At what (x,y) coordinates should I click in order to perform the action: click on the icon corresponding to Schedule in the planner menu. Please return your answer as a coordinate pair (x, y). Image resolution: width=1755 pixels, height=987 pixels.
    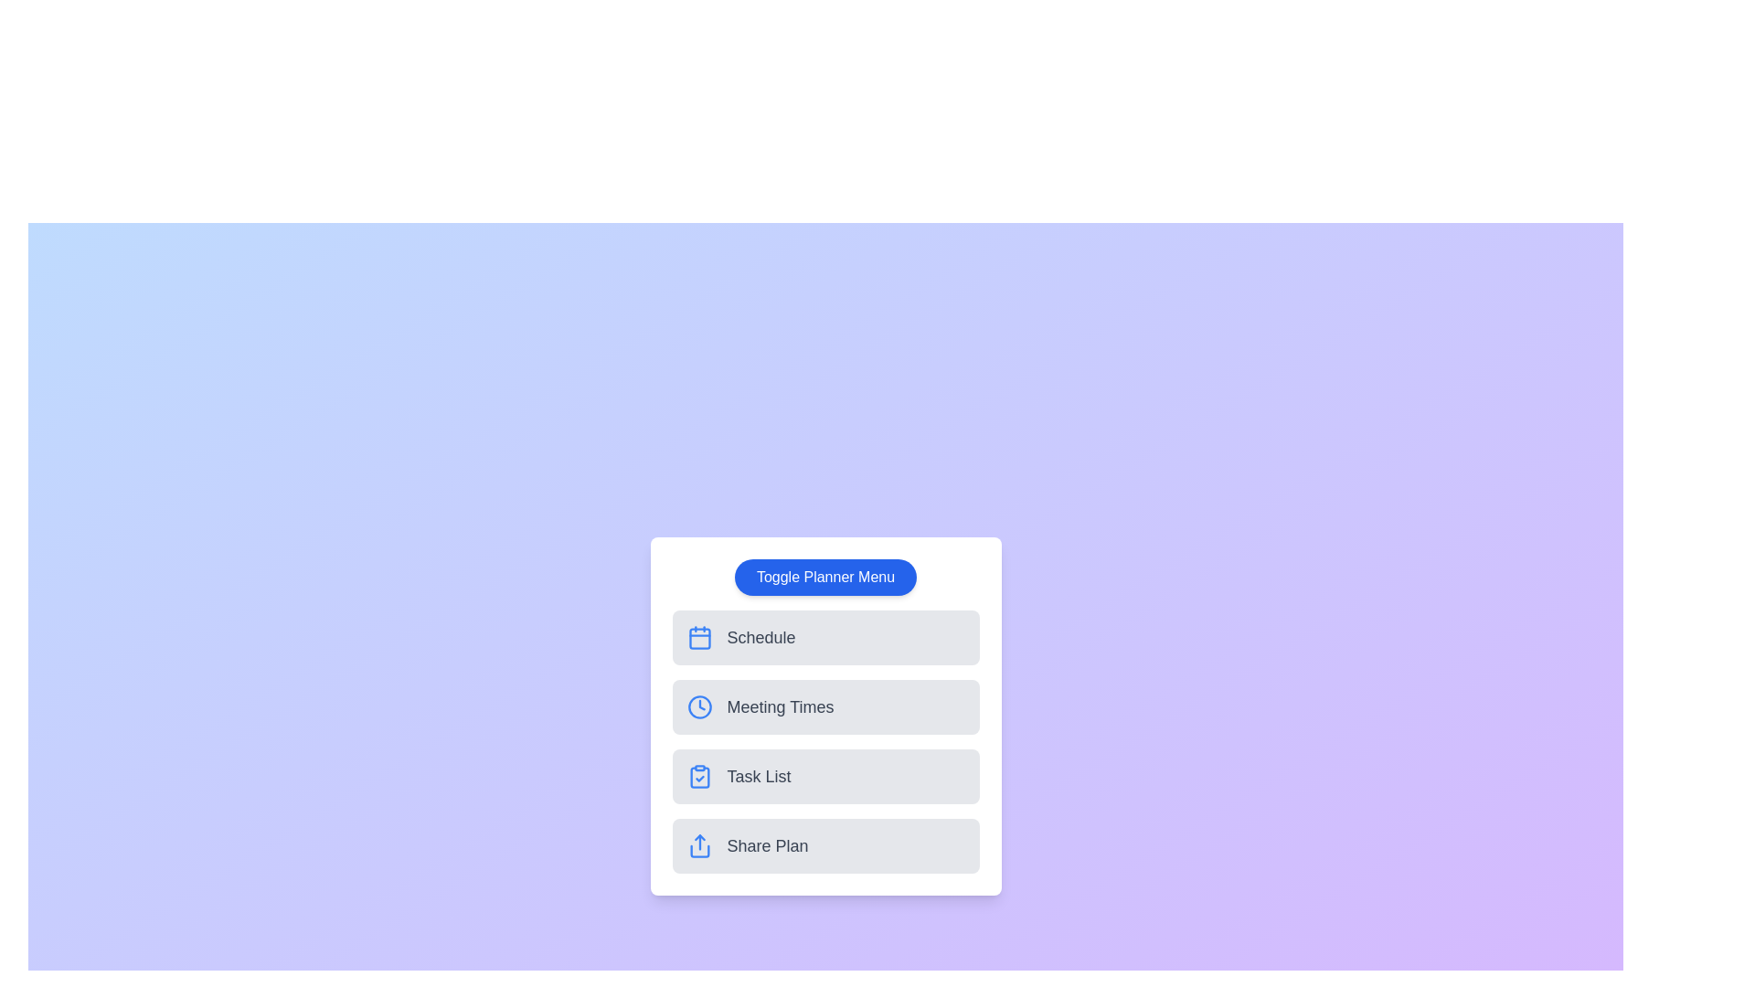
    Looking at the image, I should click on (698, 637).